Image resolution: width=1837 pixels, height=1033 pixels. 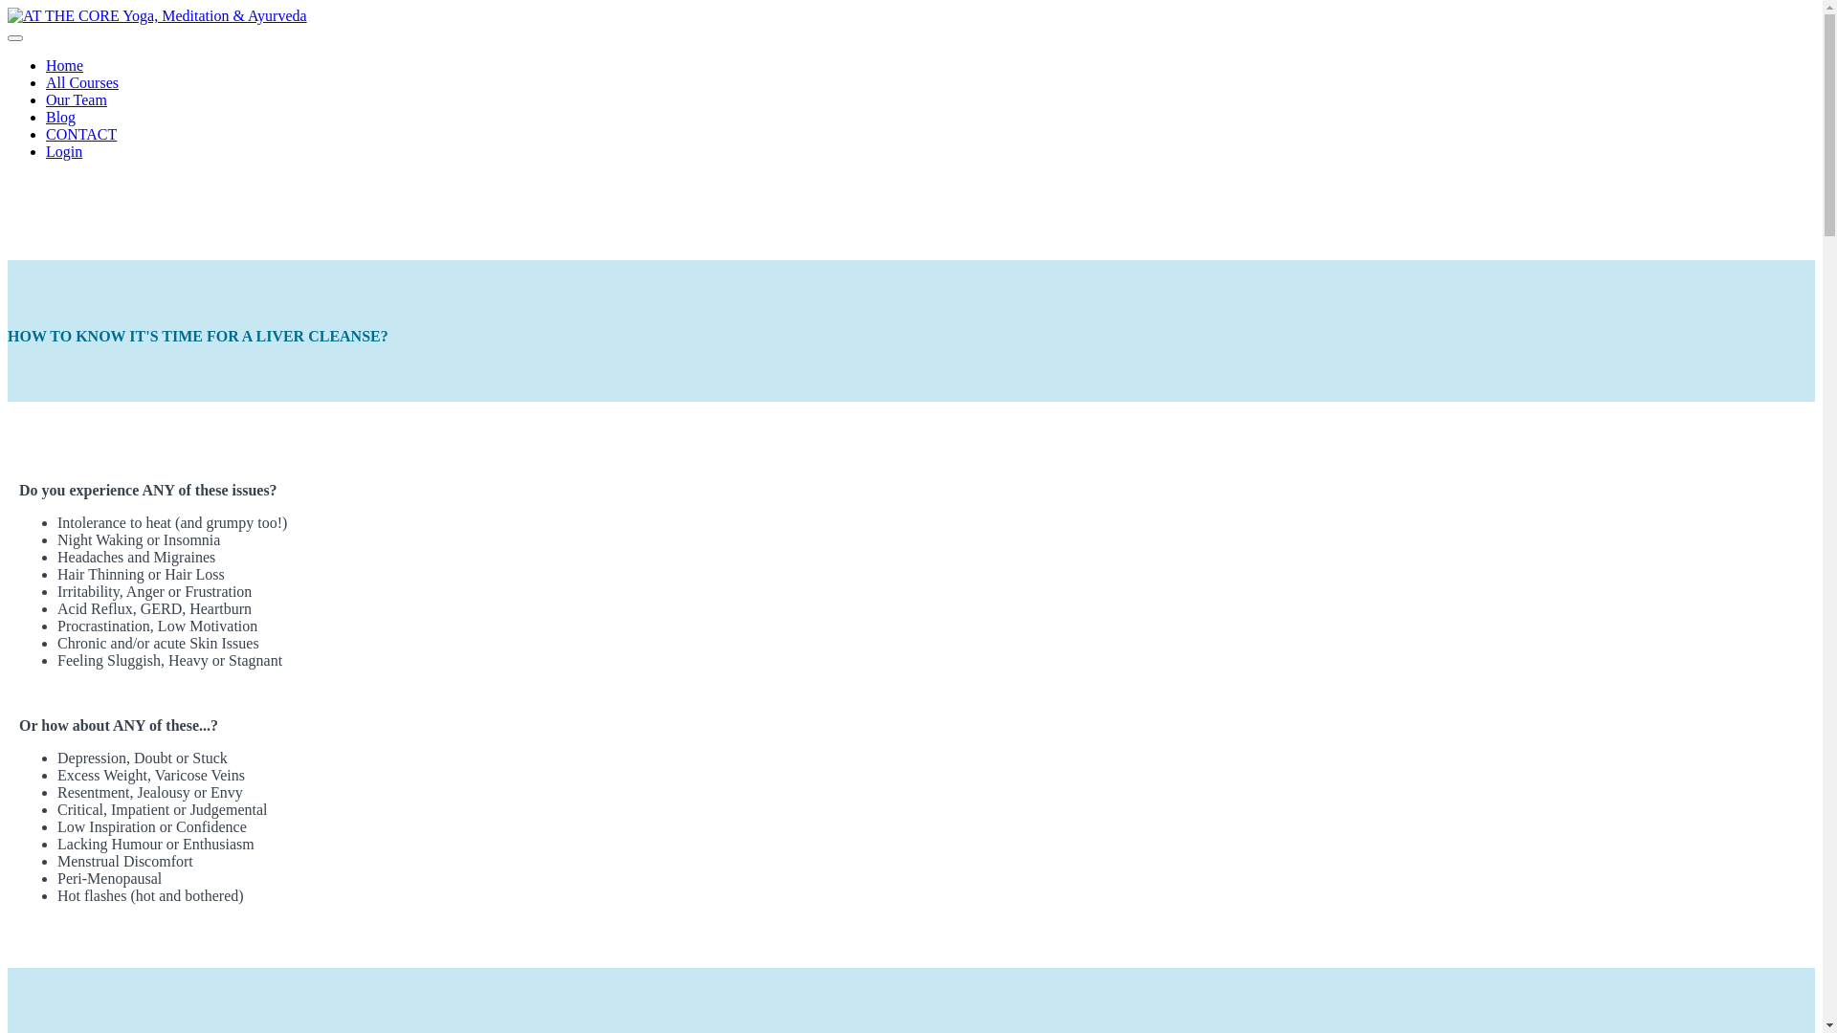 I want to click on 'Blog', so click(x=60, y=117).